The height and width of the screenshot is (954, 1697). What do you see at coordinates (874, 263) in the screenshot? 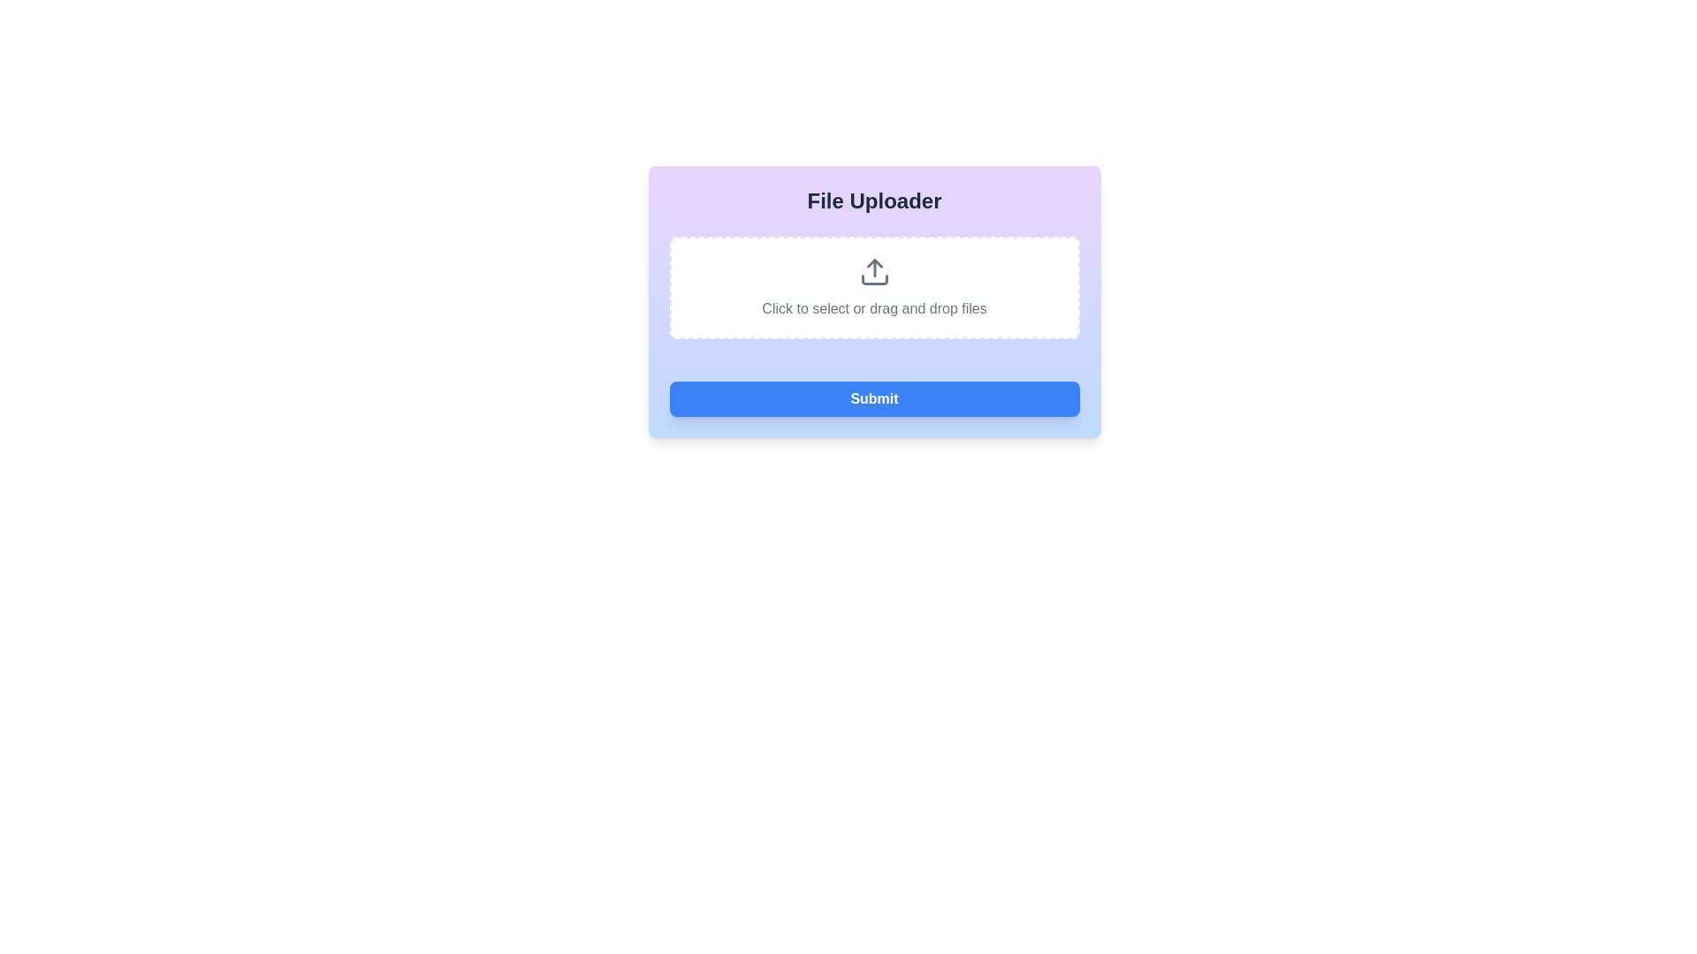
I see `the upward-pointing triangle icon that is part of the upload symbol, which is centrally aligned in the layout's central card section` at bounding box center [874, 263].